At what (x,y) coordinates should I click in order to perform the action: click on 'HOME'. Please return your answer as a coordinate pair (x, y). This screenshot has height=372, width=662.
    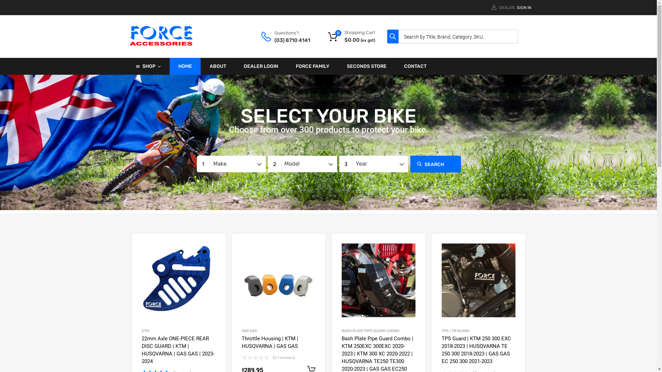
    Looking at the image, I should click on (185, 66).